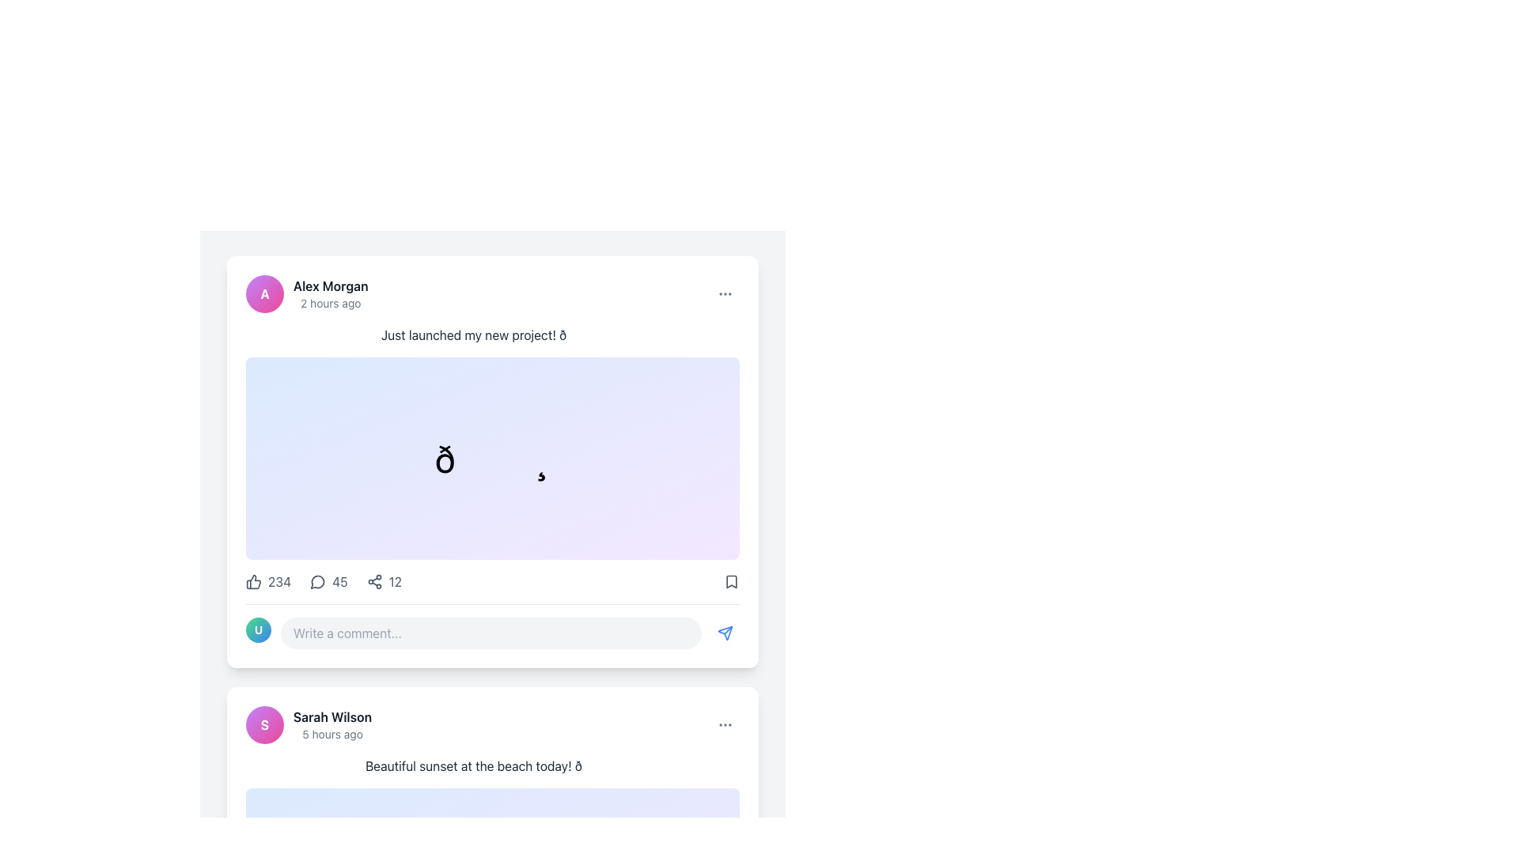 Image resolution: width=1519 pixels, height=854 pixels. I want to click on the ellipsis icon, so click(724, 293).